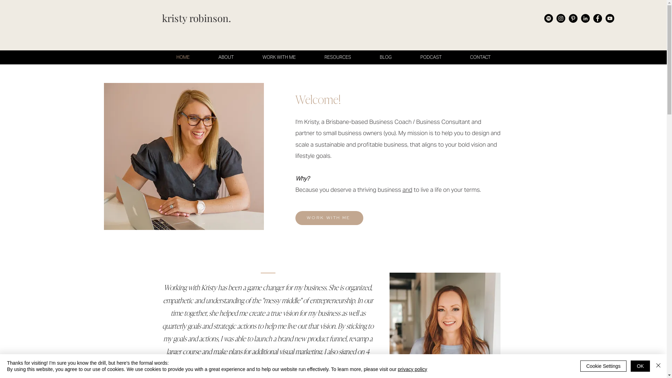  Describe the element at coordinates (329, 218) in the screenshot. I see `'WORK WITH ME'` at that location.